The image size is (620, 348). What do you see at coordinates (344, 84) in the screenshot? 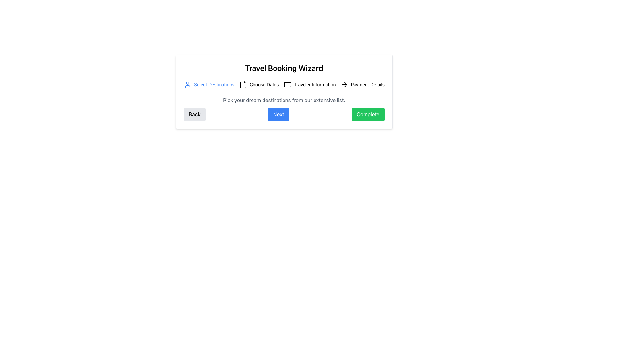
I see `the icon resembling a right-pointing arrow that is positioned to the left of the 'Payment Details' text, indicating progression or navigation` at bounding box center [344, 84].